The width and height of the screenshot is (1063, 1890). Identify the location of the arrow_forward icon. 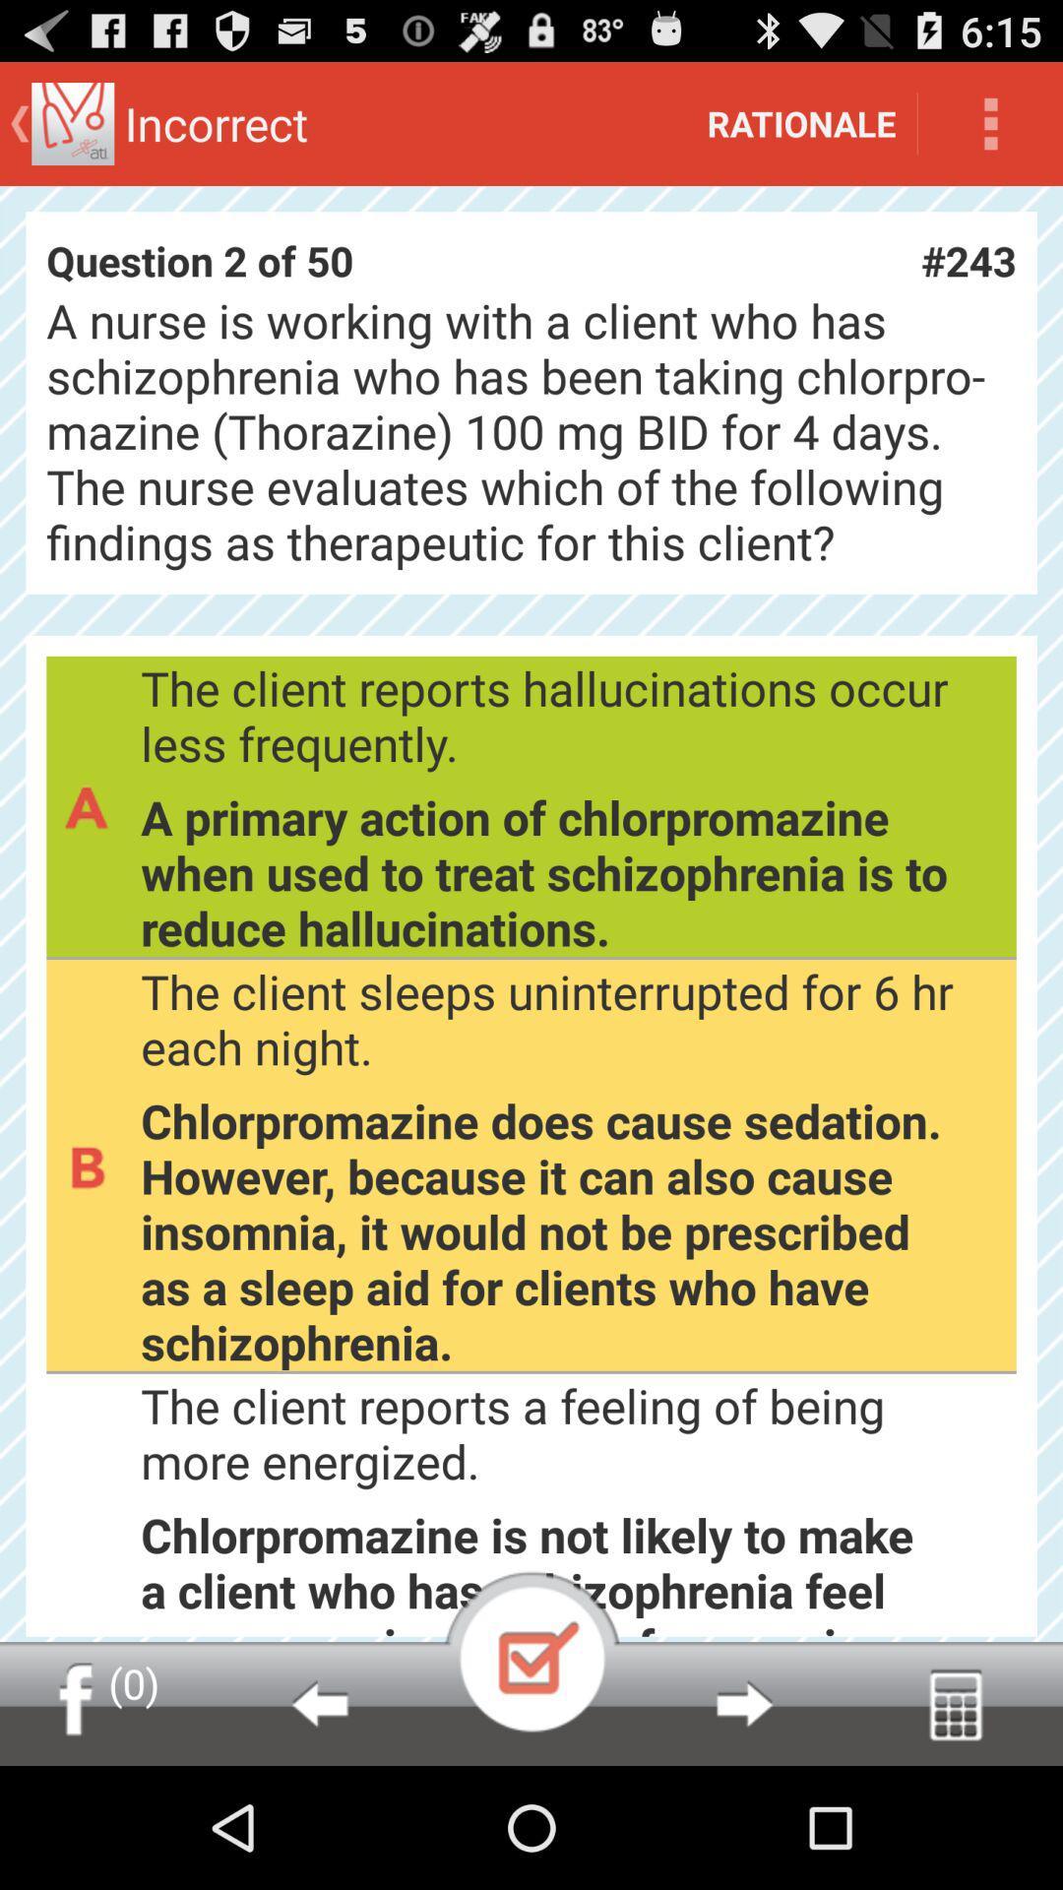
(744, 1822).